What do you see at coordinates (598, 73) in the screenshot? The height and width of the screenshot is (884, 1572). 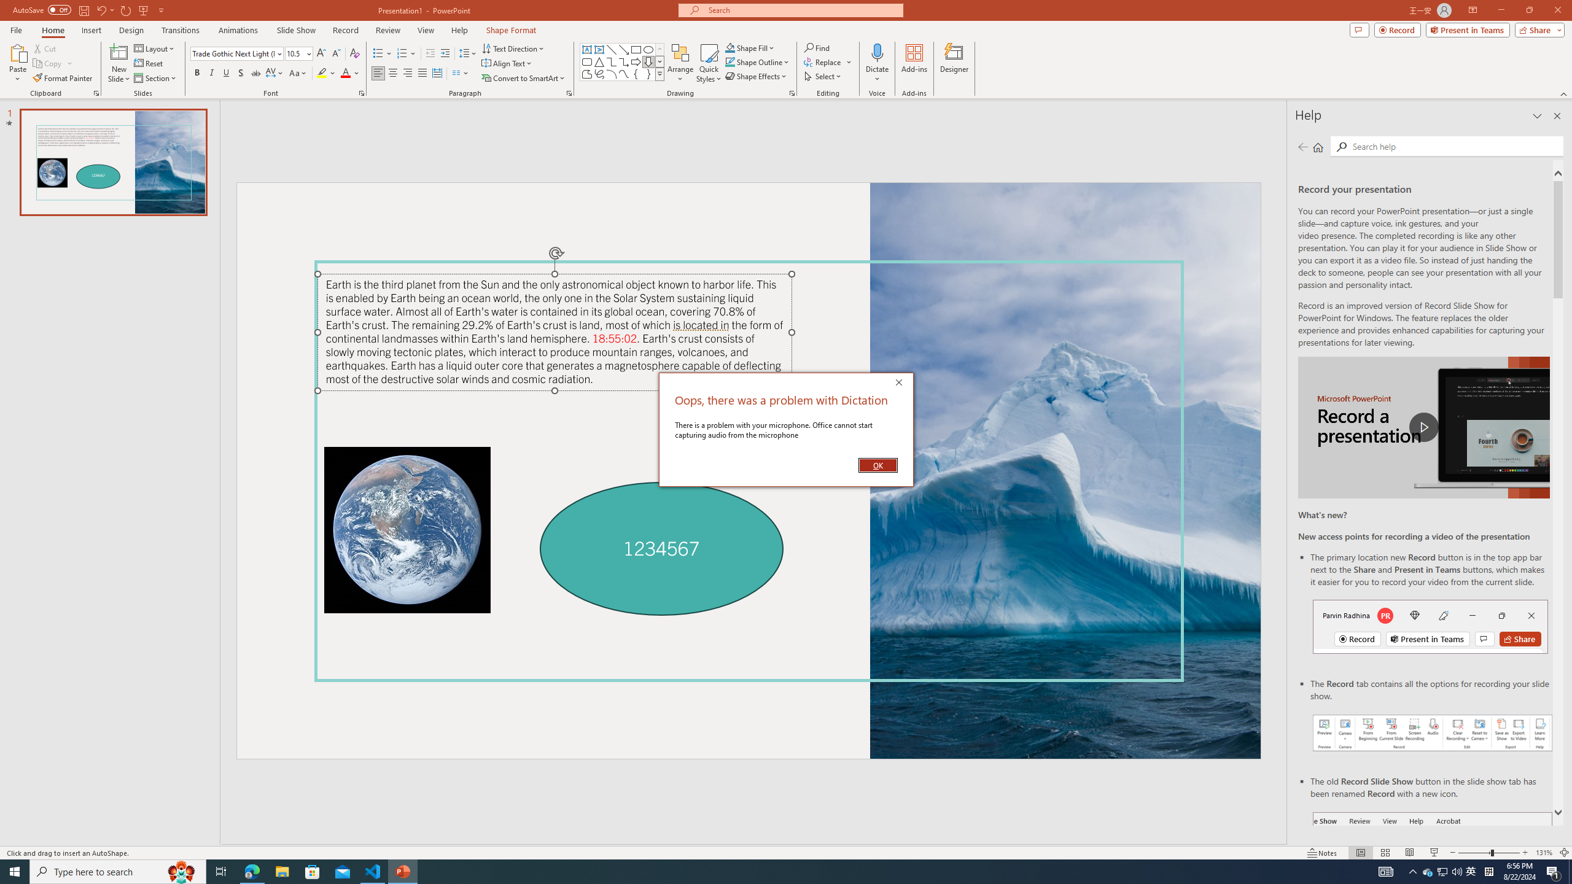 I see `'Freeform: Scribble'` at bounding box center [598, 73].